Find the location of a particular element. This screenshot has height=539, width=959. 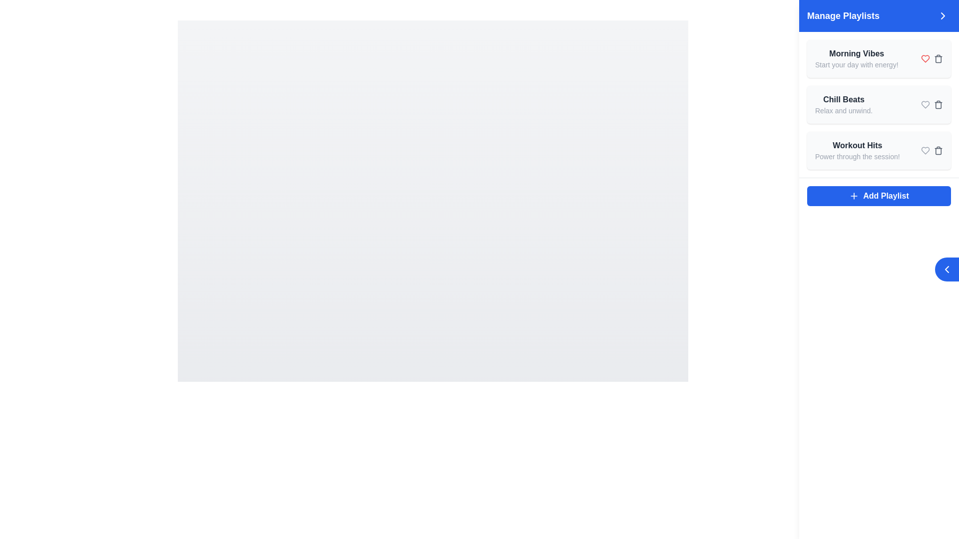

the delete button for the 'Workout Hits' playlist located in the right-side column under 'Manage Playlists' to change its color to blue is located at coordinates (938, 150).